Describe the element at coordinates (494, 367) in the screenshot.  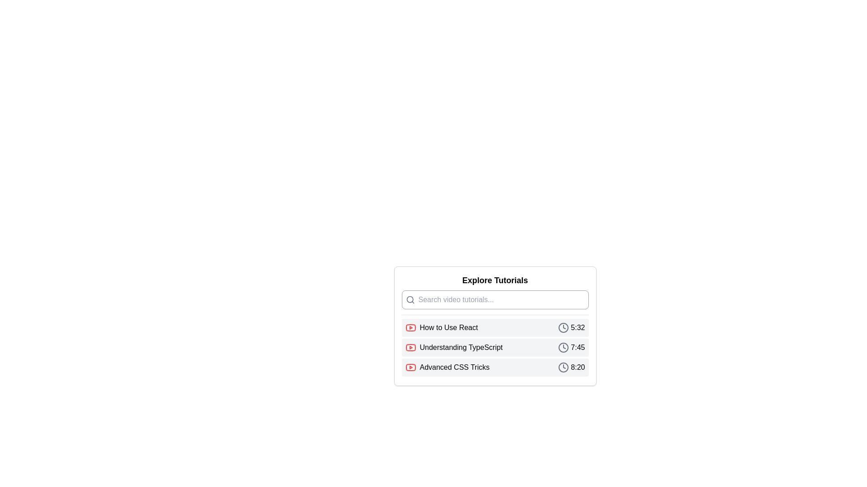
I see `the third tutorial item in the list titled 'Explore Tutorials' for keyboard navigation` at that location.